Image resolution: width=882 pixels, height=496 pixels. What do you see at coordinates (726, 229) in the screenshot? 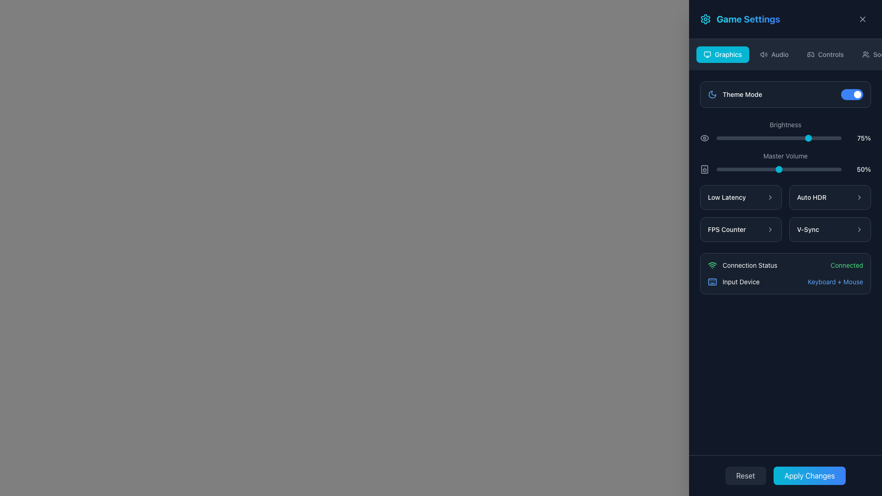
I see `the setting represented by the 'FPS Counter' label, which is a text label styled in a light color against a dark background, positioned between 'Auto HDR' and 'V-Sync' options in the game settings interface` at bounding box center [726, 229].